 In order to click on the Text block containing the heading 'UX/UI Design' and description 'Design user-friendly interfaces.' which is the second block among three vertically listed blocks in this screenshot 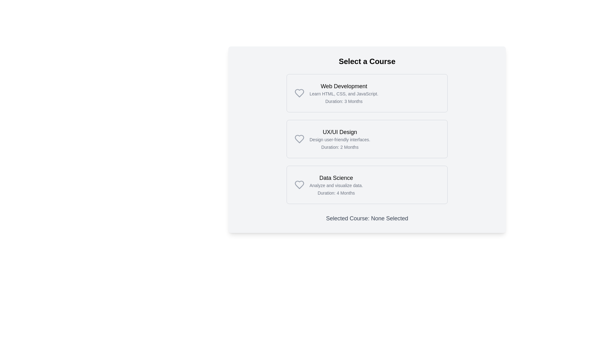, I will do `click(339, 139)`.